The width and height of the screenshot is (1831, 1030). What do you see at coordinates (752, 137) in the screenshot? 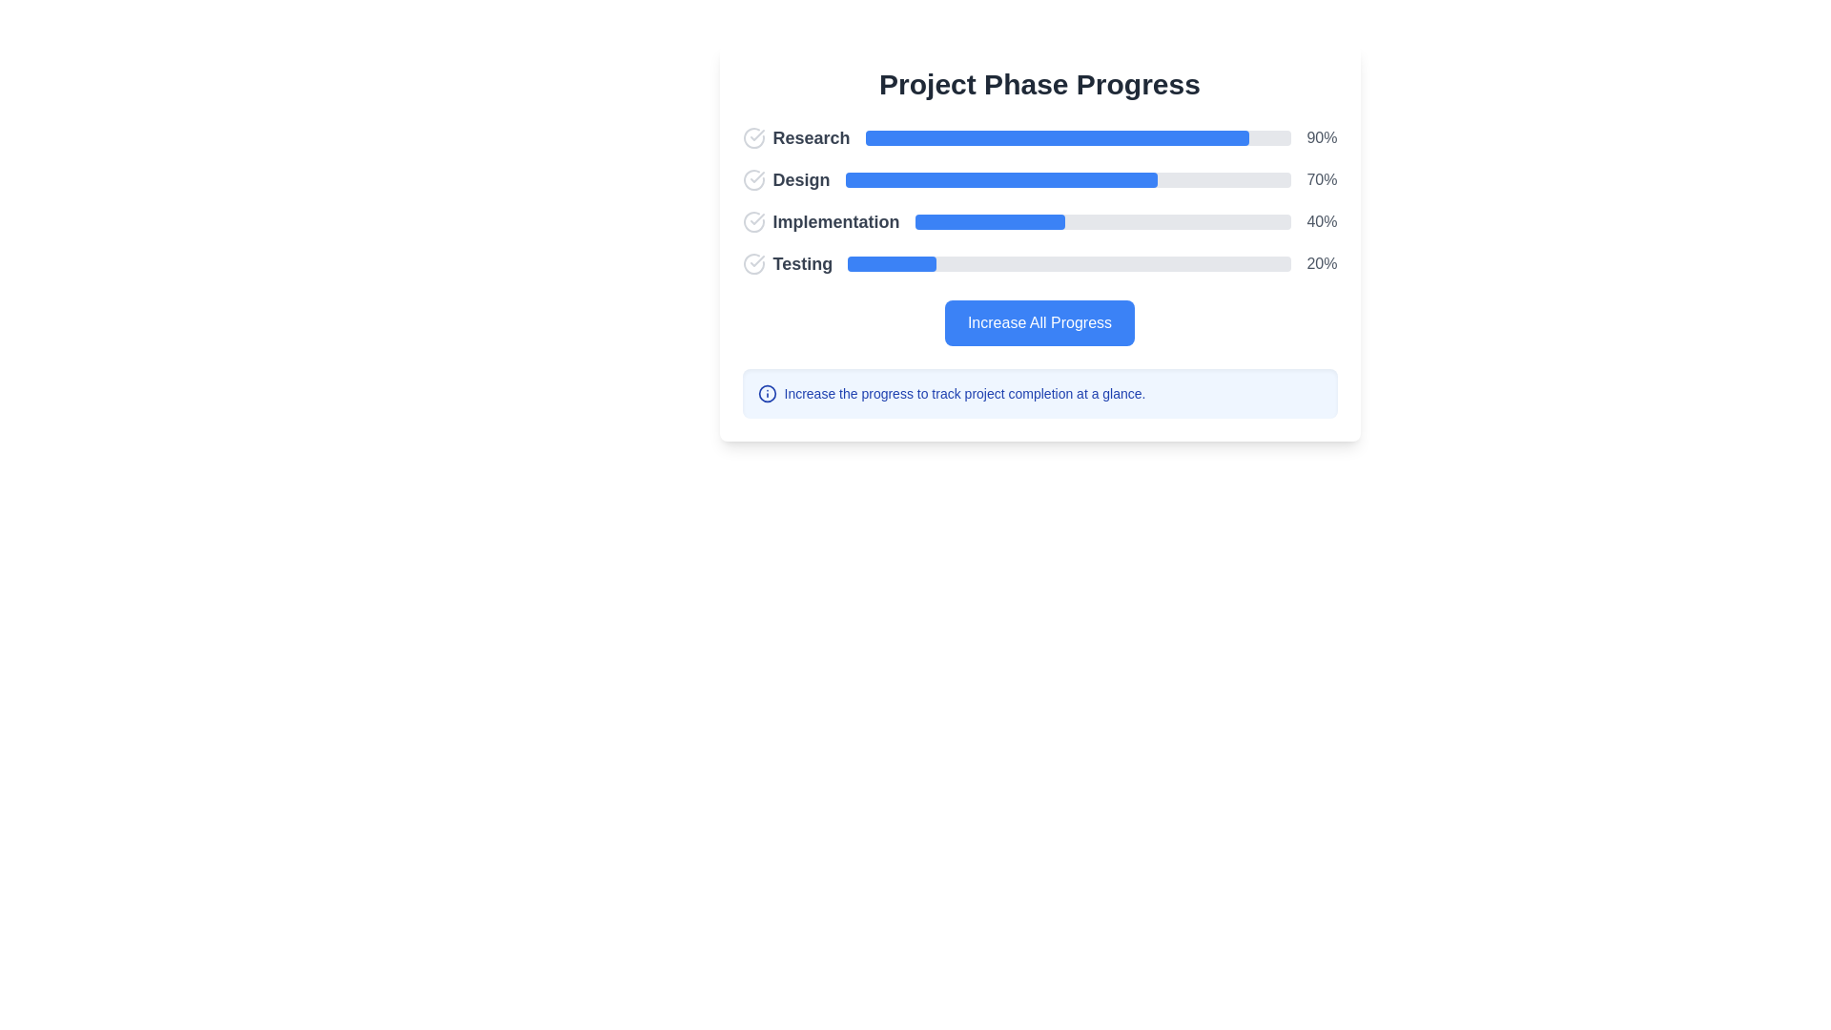
I see `the status of the Checkmark Icon indicating the completion of the 'Research' phase, positioned at the far-left side of the corresponding row` at bounding box center [752, 137].